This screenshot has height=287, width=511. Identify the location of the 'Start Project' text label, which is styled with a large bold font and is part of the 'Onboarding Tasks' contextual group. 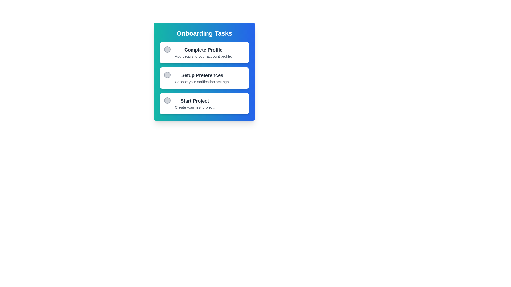
(194, 101).